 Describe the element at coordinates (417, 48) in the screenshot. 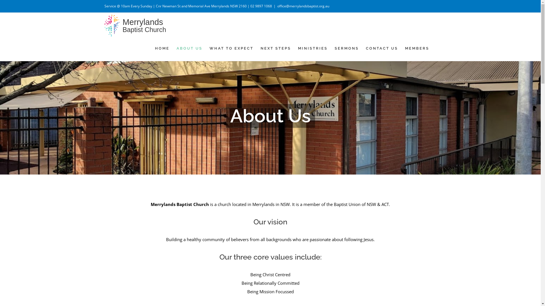

I see `'MEMBERS'` at that location.